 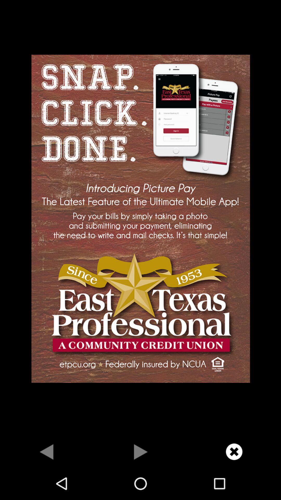 What do you see at coordinates (47, 483) in the screenshot?
I see `the arrow_backward icon` at bounding box center [47, 483].